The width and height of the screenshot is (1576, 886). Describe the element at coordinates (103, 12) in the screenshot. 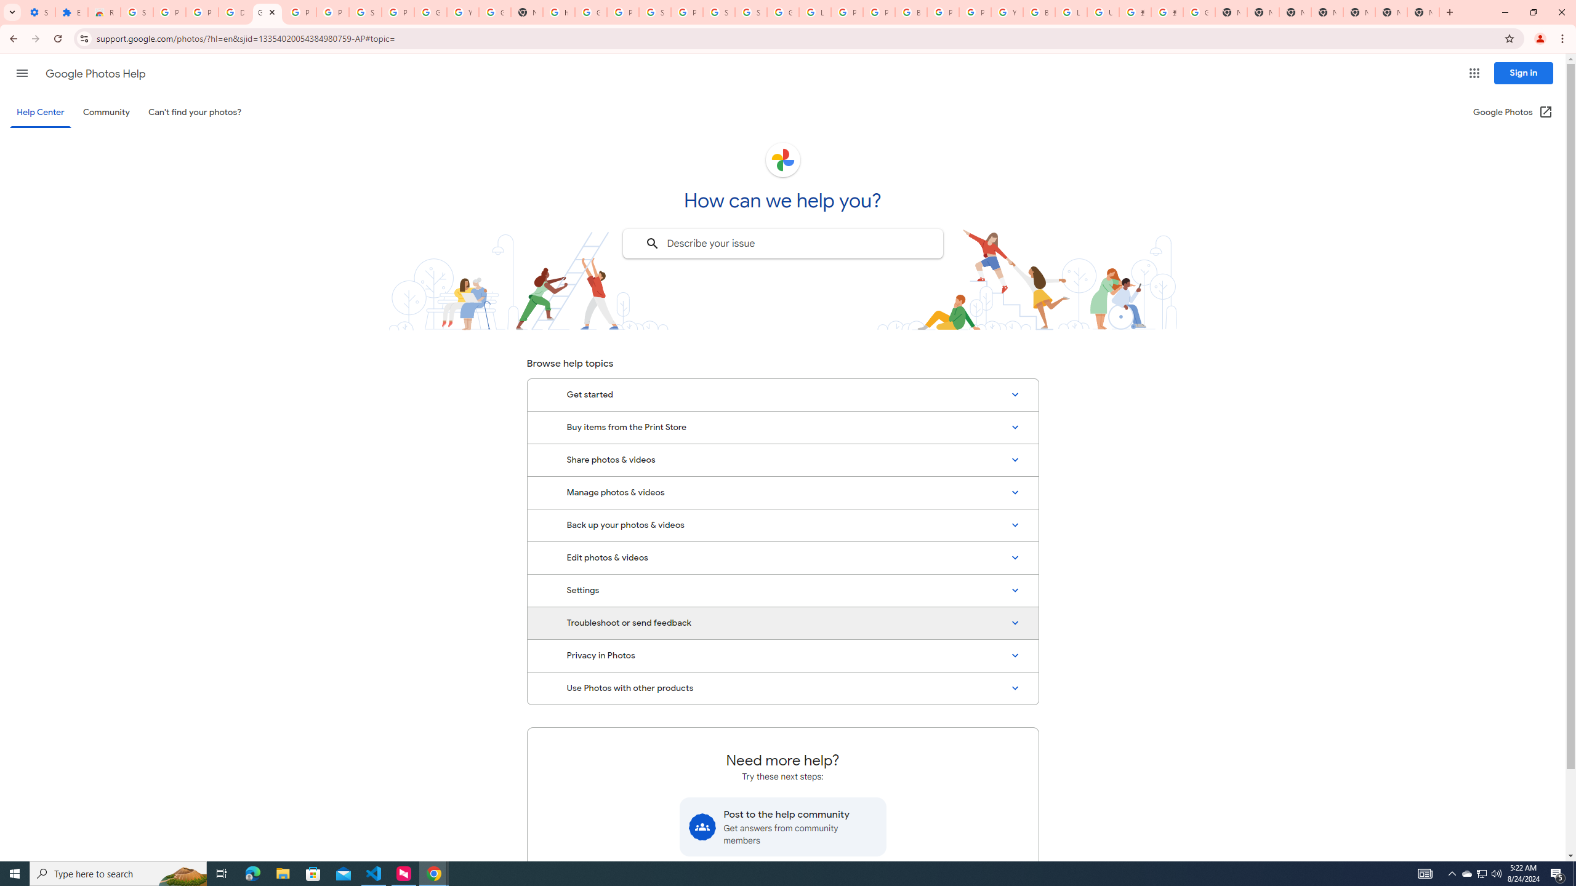

I see `'Reviews: Helix Fruit Jump Arcade Game'` at that location.